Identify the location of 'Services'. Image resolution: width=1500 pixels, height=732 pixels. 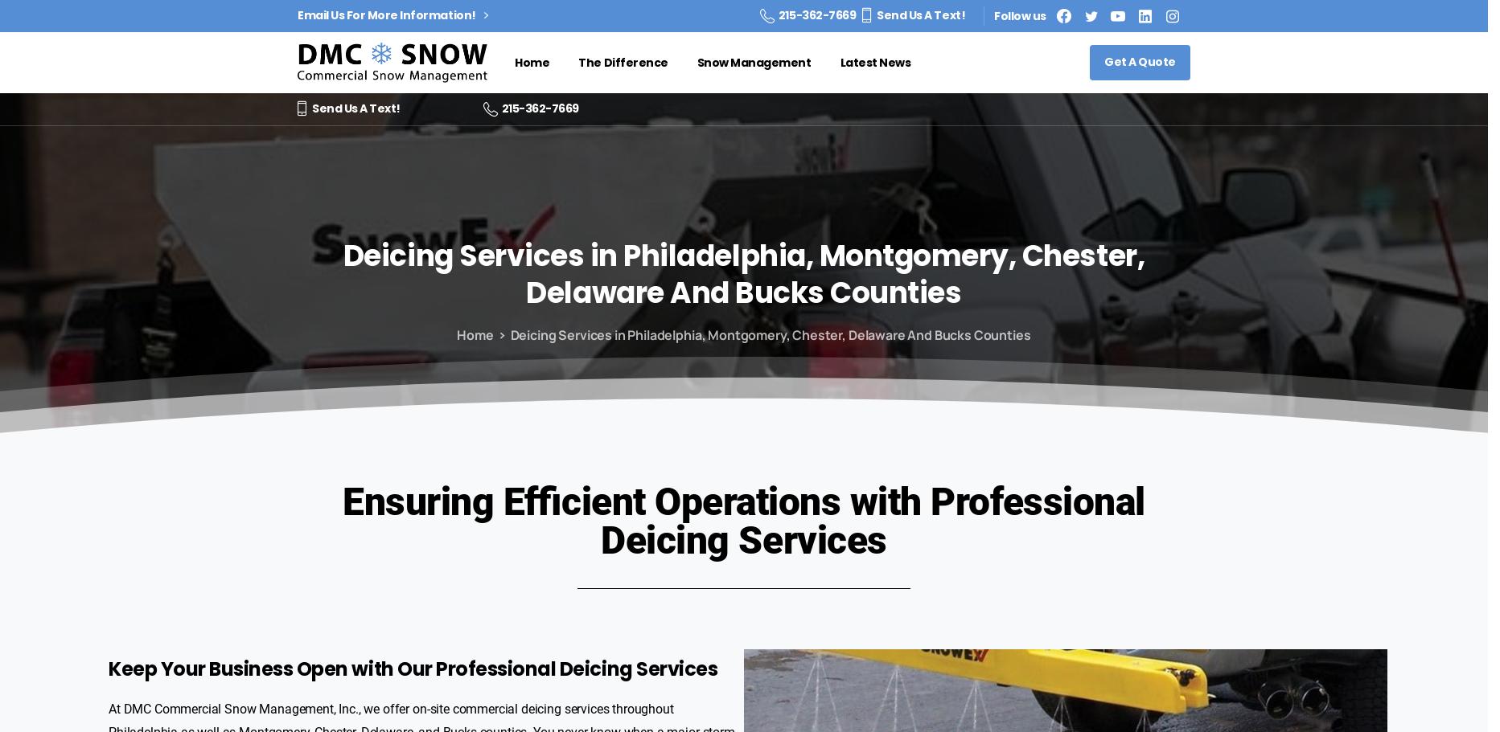
(520, 255).